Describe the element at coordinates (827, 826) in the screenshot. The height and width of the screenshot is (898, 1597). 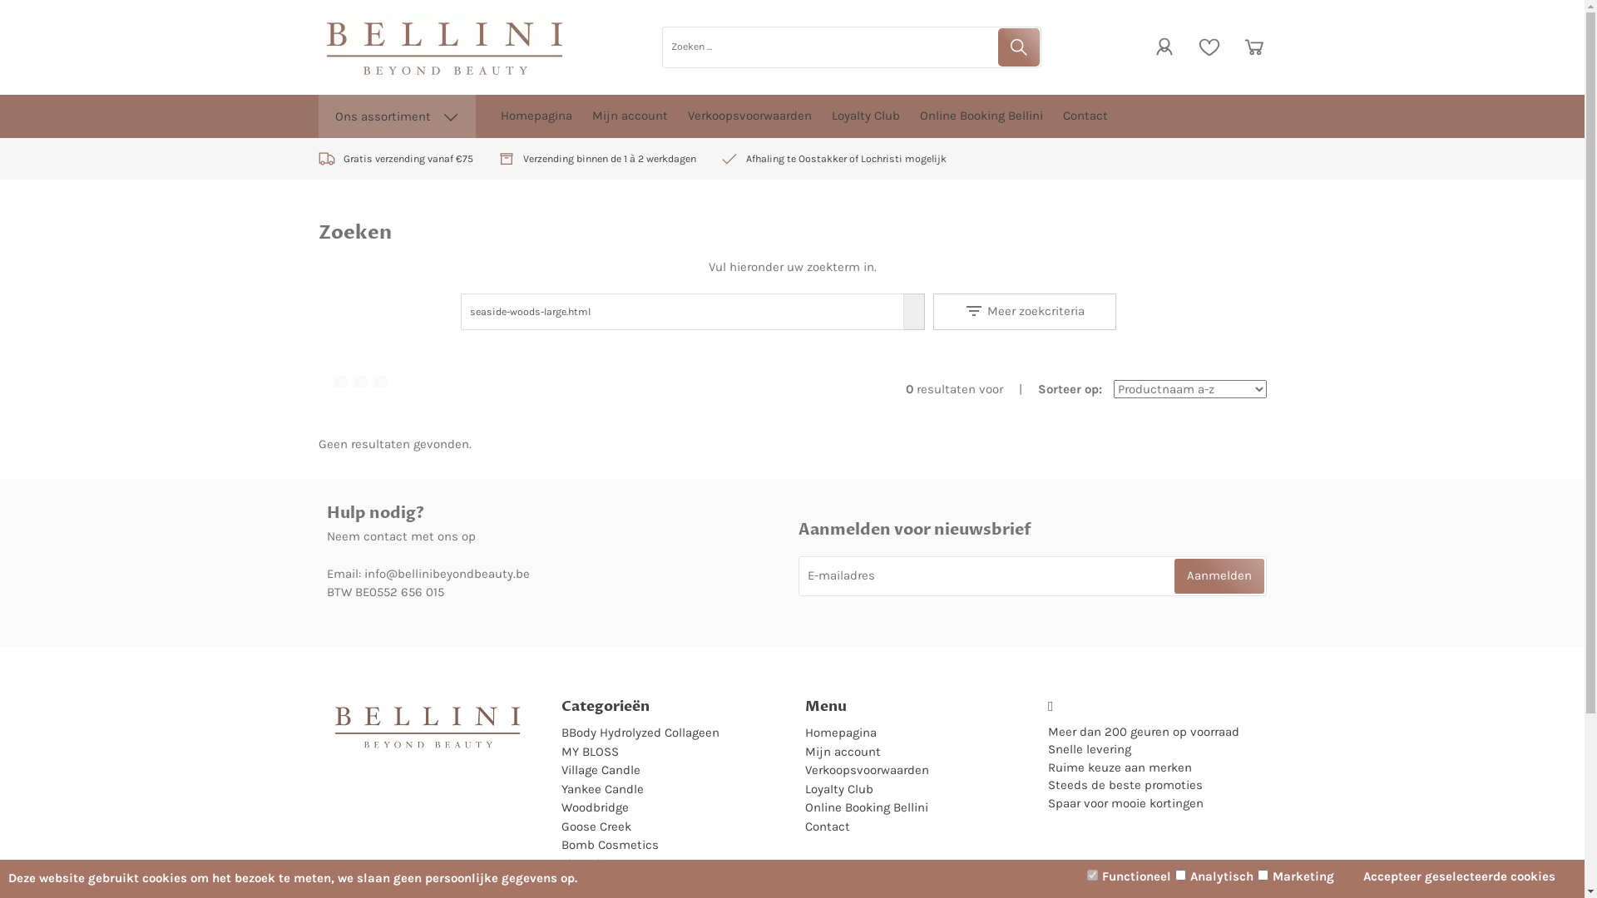
I see `'Contact'` at that location.